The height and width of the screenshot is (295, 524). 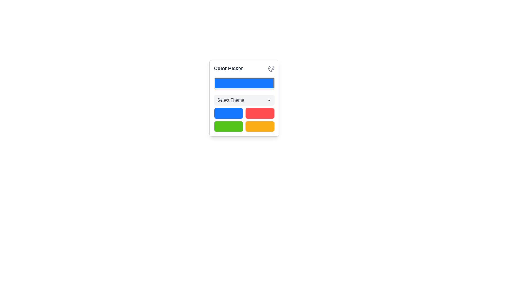 I want to click on the green rectangular button with rounded corners located in the bottom-left position of the grid, so click(x=228, y=126).